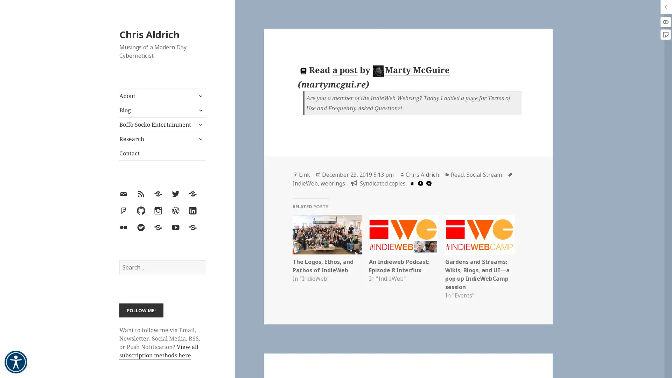  Describe the element at coordinates (205, 260) in the screenshot. I see `Search` at that location.